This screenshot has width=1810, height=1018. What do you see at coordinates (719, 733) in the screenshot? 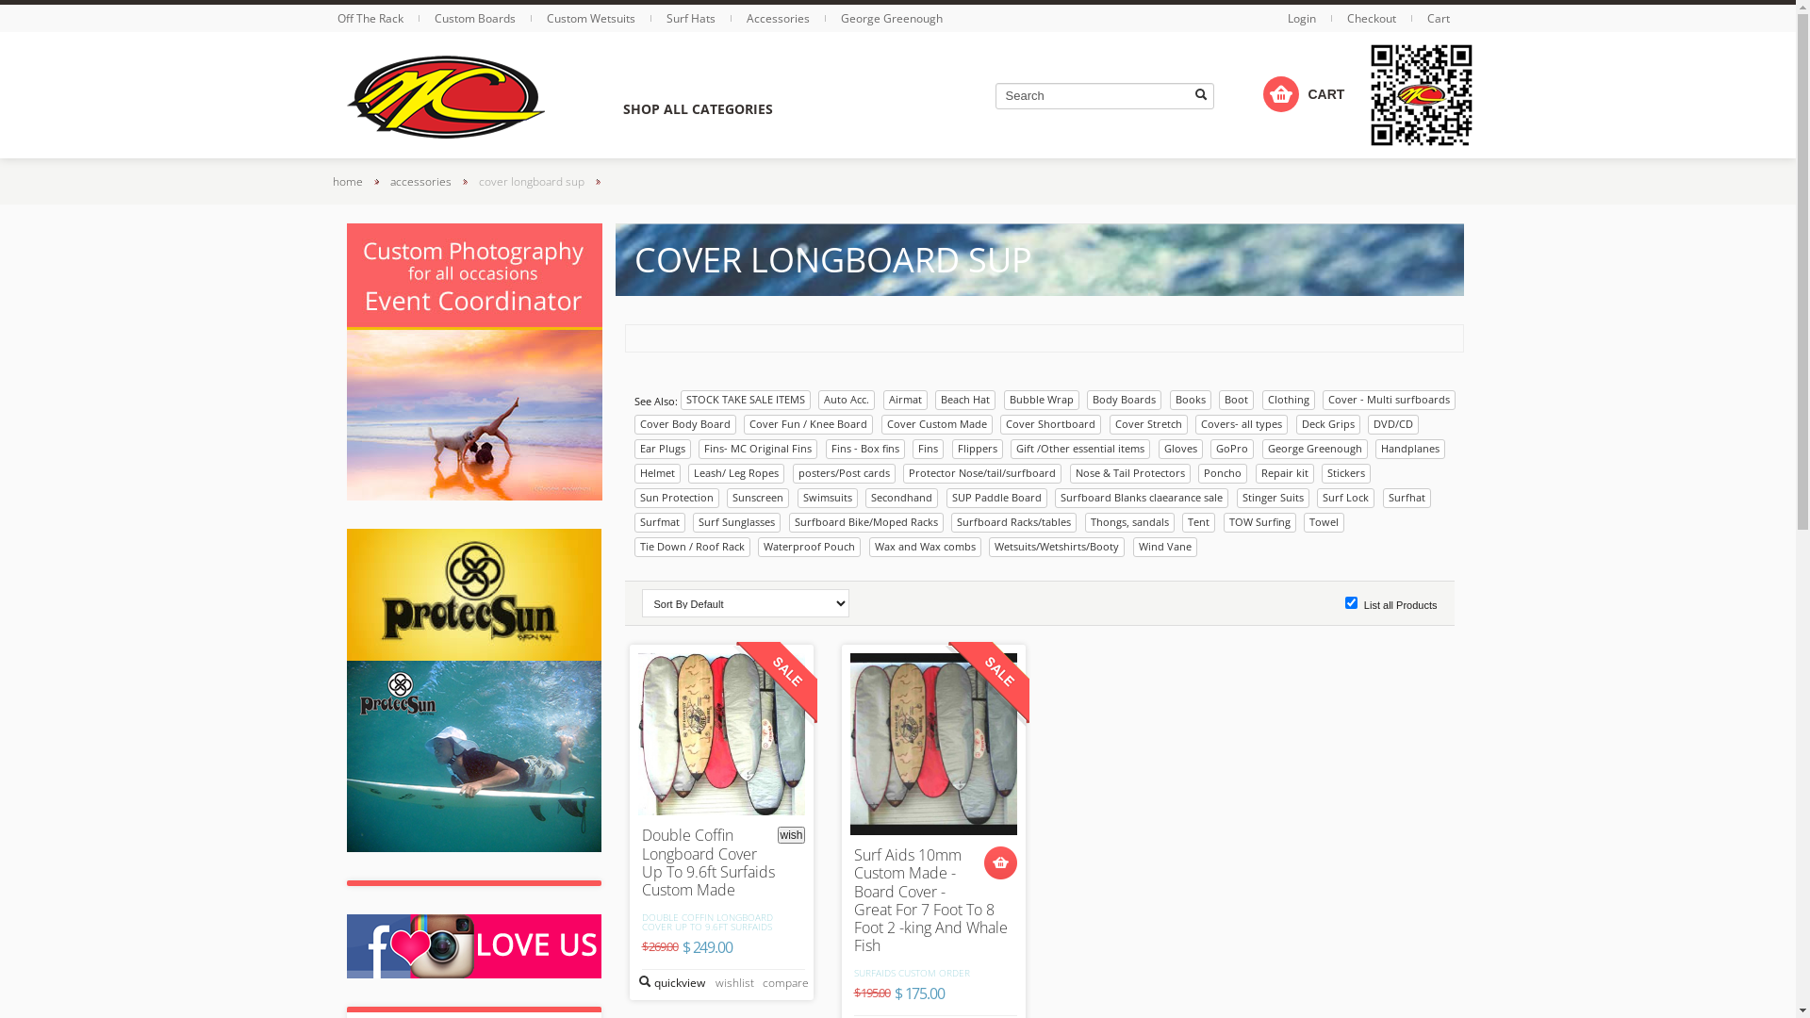
I see `'Code Double Coffin Longboard Cover up to 9.6FT Surfaids'` at bounding box center [719, 733].